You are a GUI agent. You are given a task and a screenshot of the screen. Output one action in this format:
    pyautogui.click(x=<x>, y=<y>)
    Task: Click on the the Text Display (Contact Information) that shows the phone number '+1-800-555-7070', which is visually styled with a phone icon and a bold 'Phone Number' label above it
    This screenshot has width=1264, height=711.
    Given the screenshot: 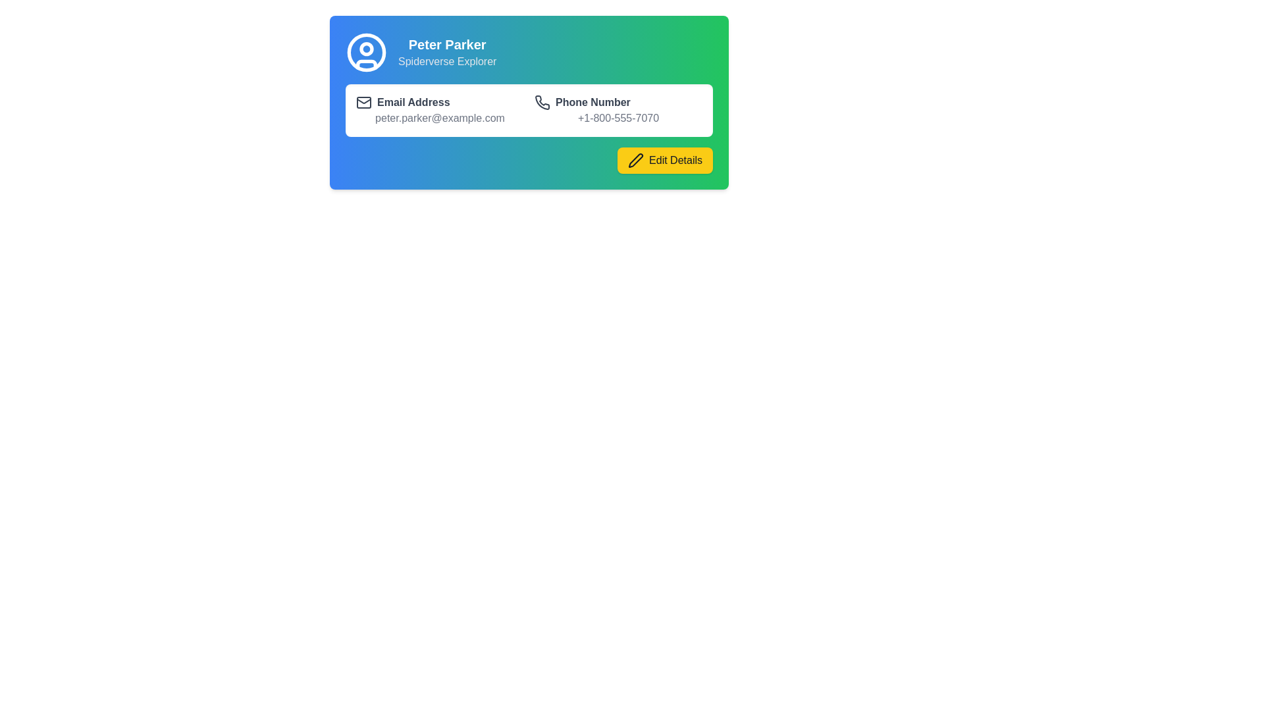 What is the action you would take?
    pyautogui.click(x=618, y=110)
    